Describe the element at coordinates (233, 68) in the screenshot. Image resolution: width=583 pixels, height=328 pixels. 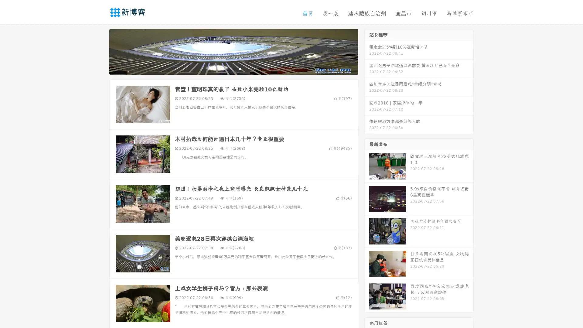
I see `Go to slide 2` at that location.